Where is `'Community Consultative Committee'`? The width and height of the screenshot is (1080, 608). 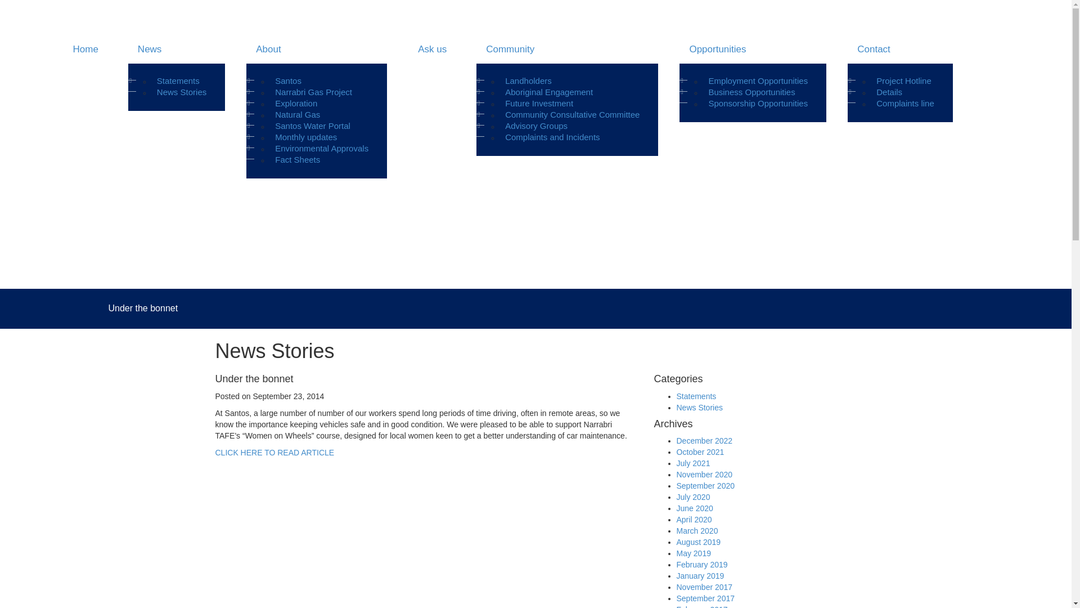
'Community Consultative Committee' is located at coordinates (499, 115).